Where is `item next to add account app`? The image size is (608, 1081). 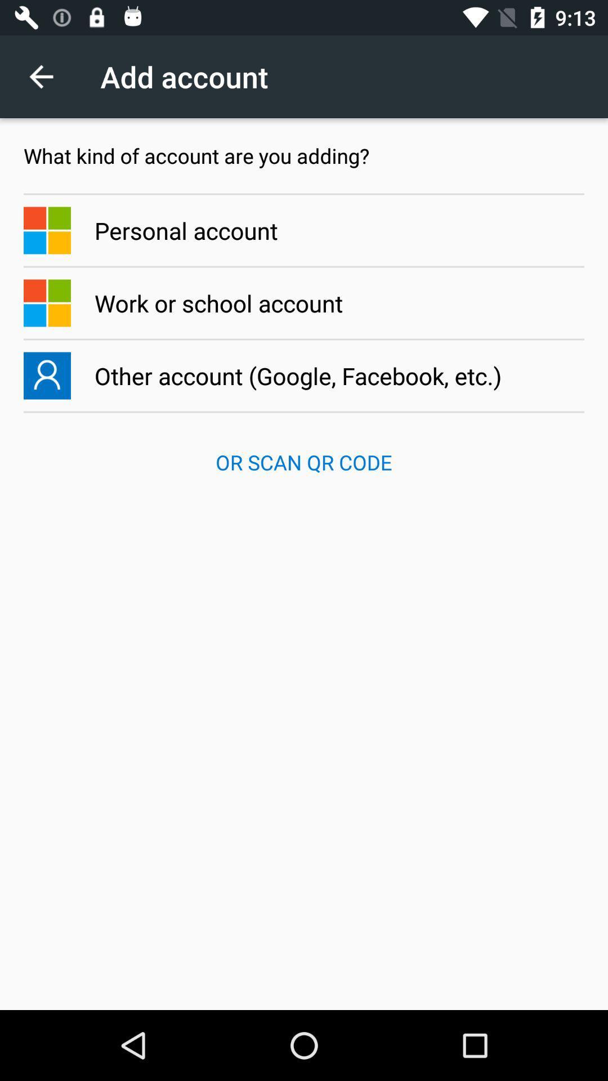 item next to add account app is located at coordinates (47, 76).